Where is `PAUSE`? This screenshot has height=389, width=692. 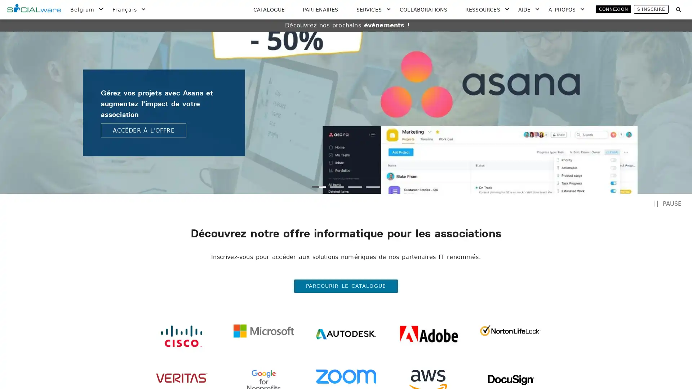
PAUSE is located at coordinates (667, 204).